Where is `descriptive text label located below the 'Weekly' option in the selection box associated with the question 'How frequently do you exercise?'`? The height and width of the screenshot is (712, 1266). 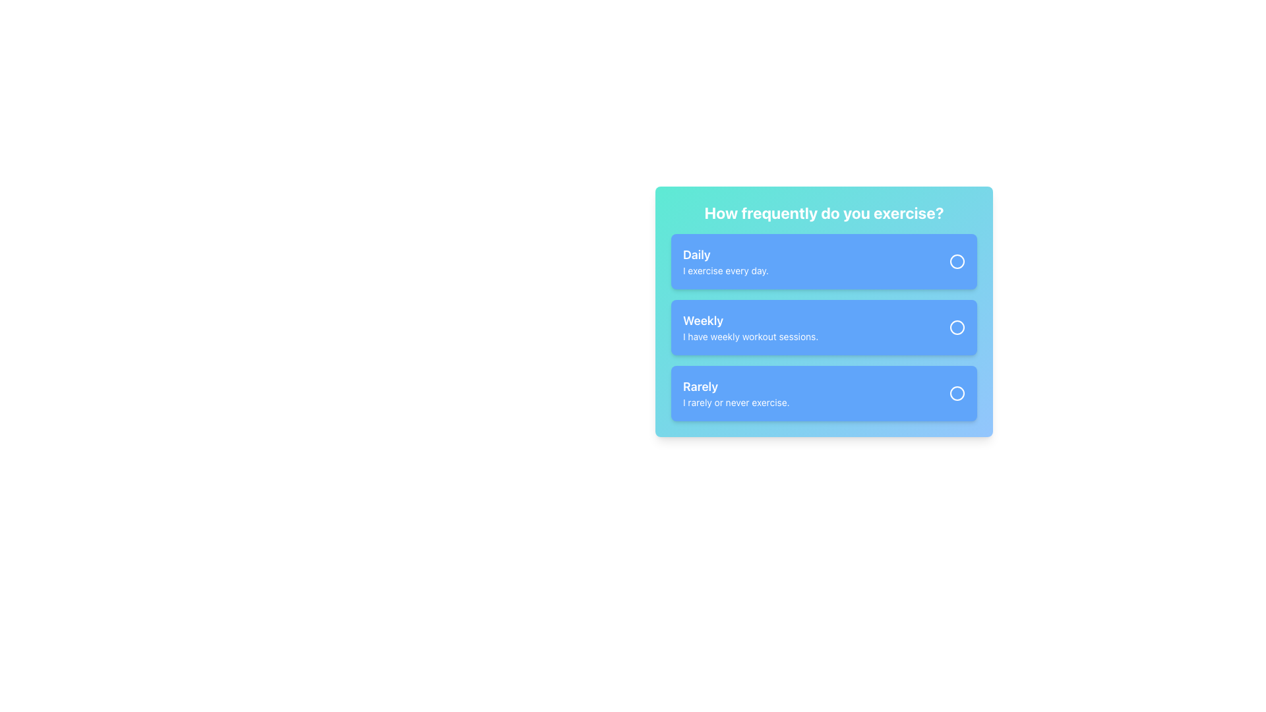
descriptive text label located below the 'Weekly' option in the selection box associated with the question 'How frequently do you exercise?' is located at coordinates (750, 336).